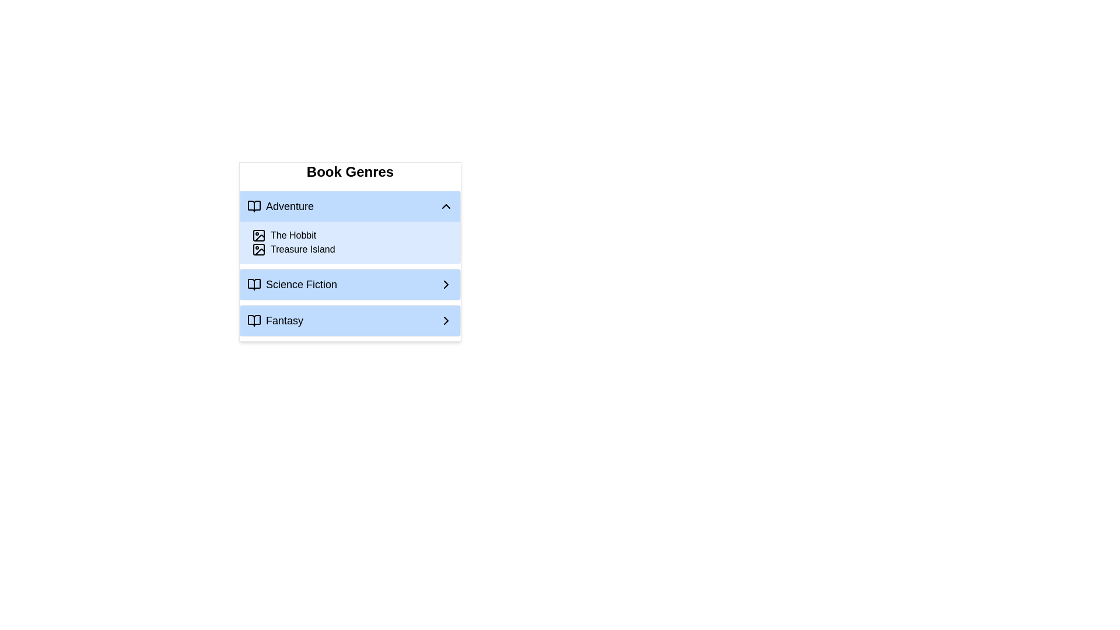  What do you see at coordinates (352, 236) in the screenshot?
I see `the first list item indicating the book 'The Hobbit' in the 'Adventure' category of the 'Book Genres' panel` at bounding box center [352, 236].